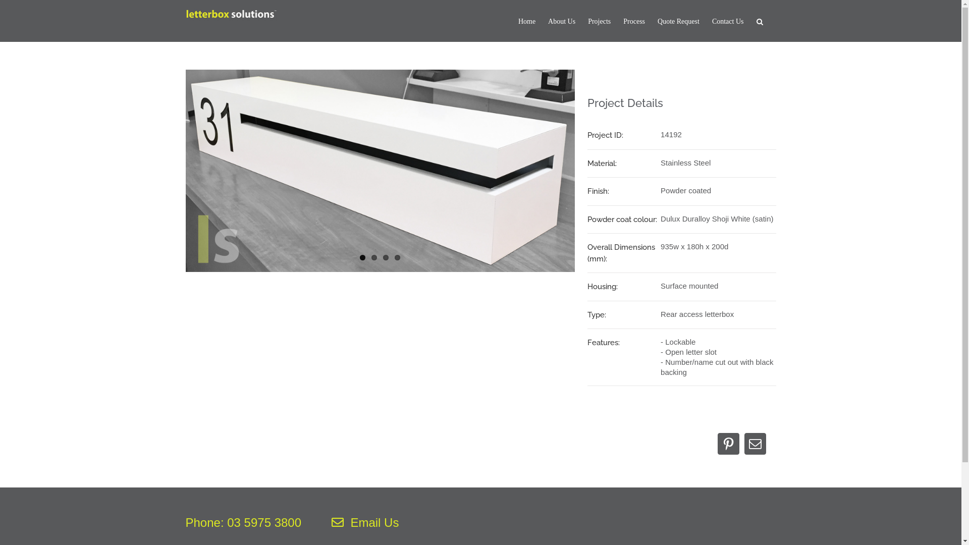 This screenshot has height=545, width=969. What do you see at coordinates (397, 257) in the screenshot?
I see `'4'` at bounding box center [397, 257].